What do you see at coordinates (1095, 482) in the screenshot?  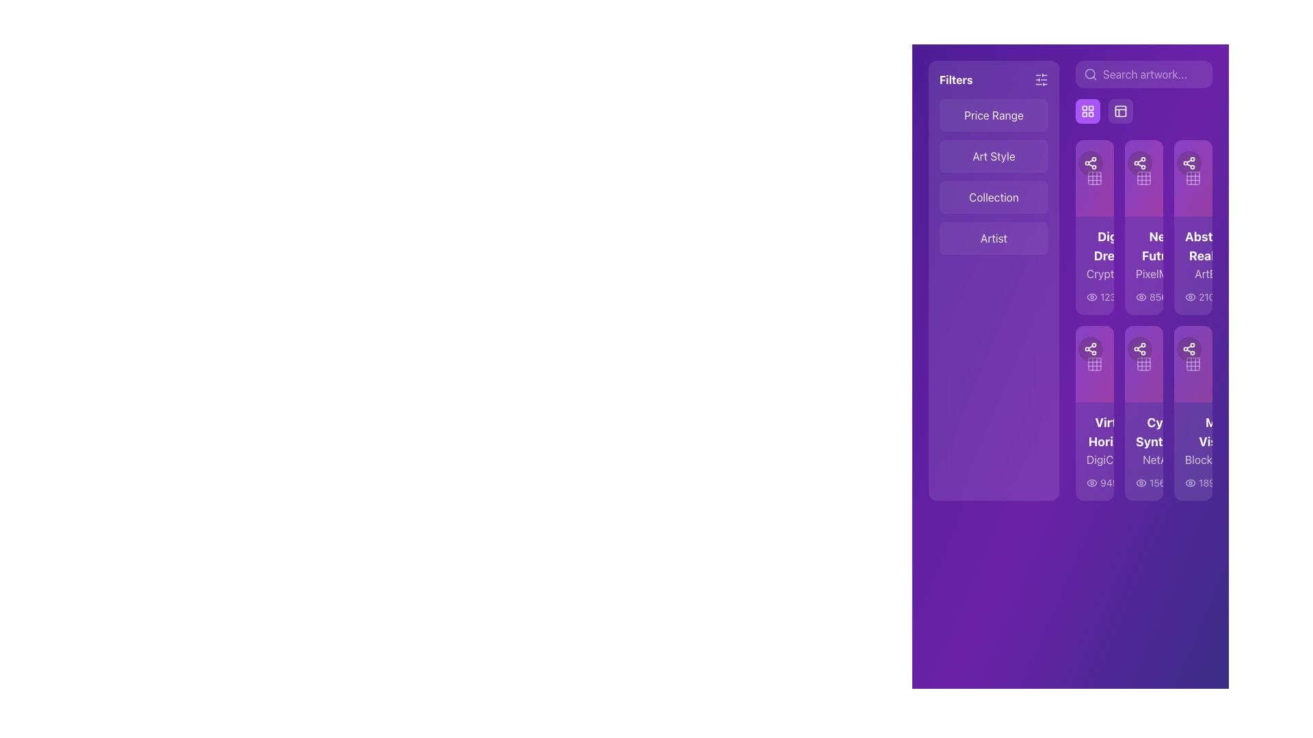 I see `the white text '94578' located in the 'Virtual HorizonsDigiCreator1.5 ETH' section, positioned beneath the 'DigiCreator' text and next to an eye icon` at bounding box center [1095, 482].